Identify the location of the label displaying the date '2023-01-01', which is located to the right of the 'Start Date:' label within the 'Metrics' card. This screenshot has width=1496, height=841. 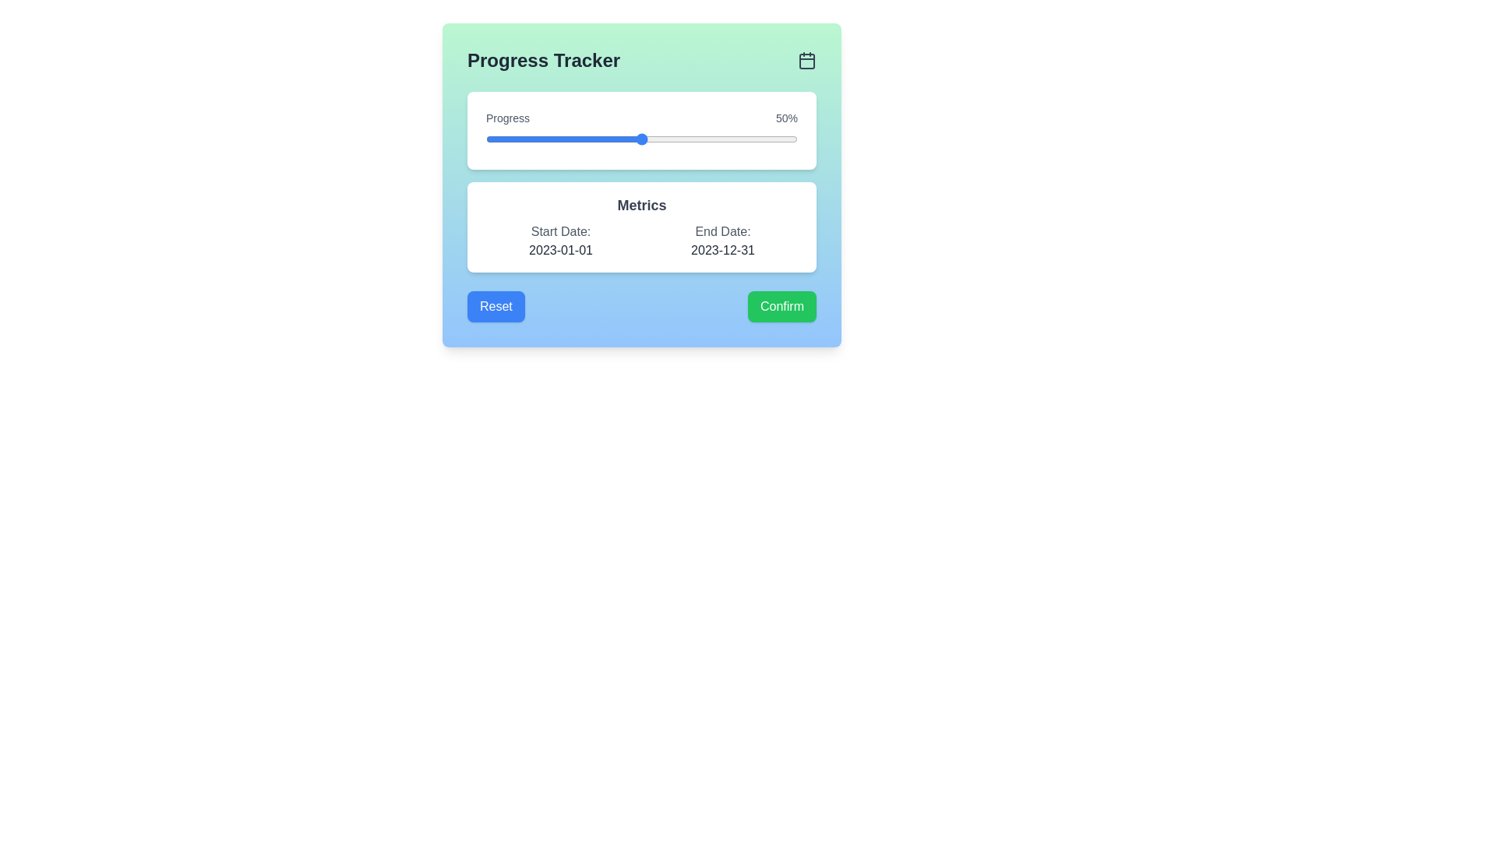
(561, 249).